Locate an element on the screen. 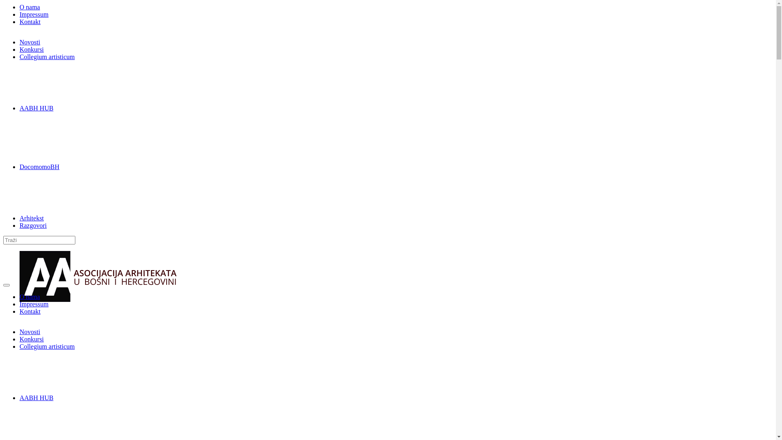 This screenshot has width=782, height=440. 'Collegium artisticum' is located at coordinates (46, 56).